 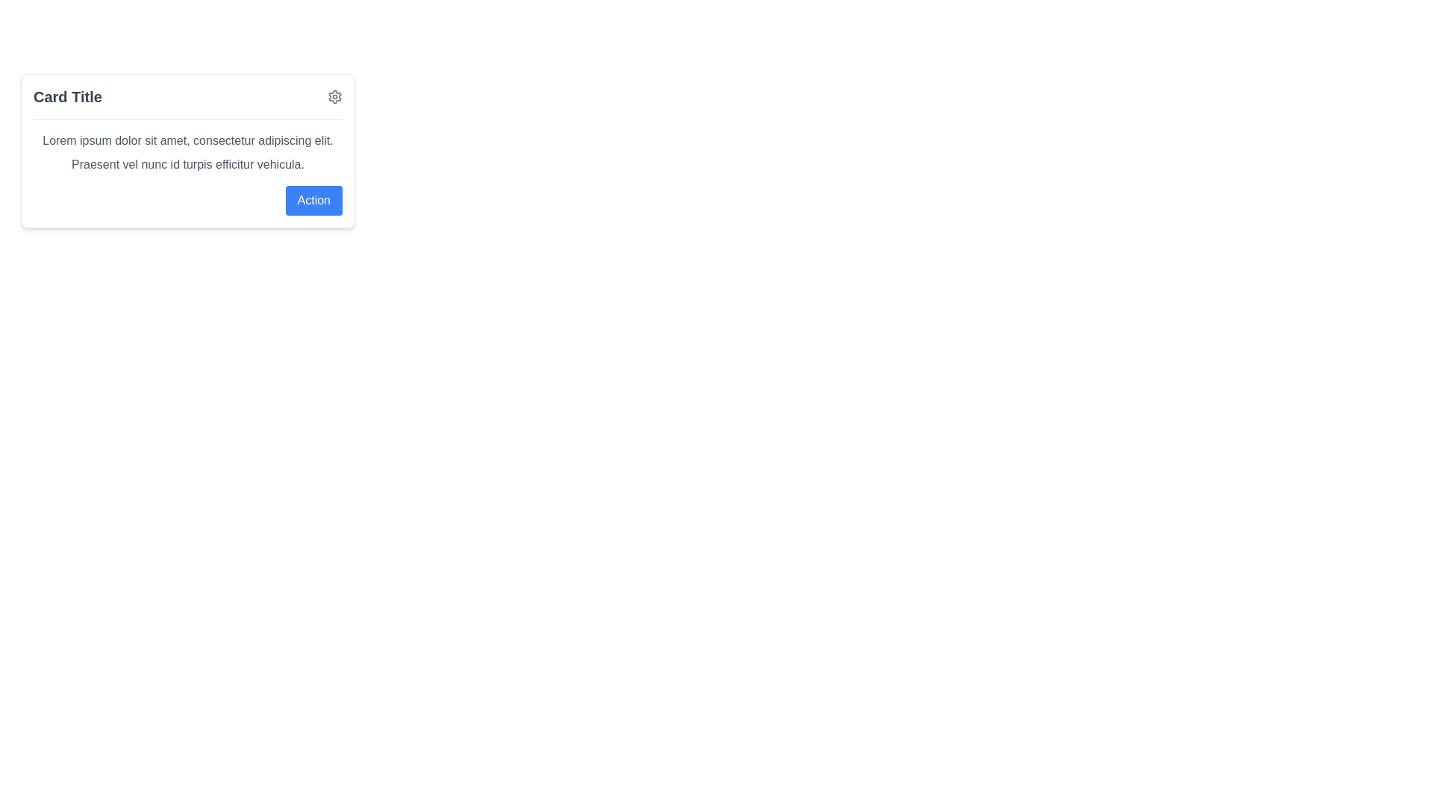 I want to click on the cogwheel icon located in the top-right corner of the card component, adjacent to the 'Card Title' text, which indicates settings, so click(x=334, y=97).